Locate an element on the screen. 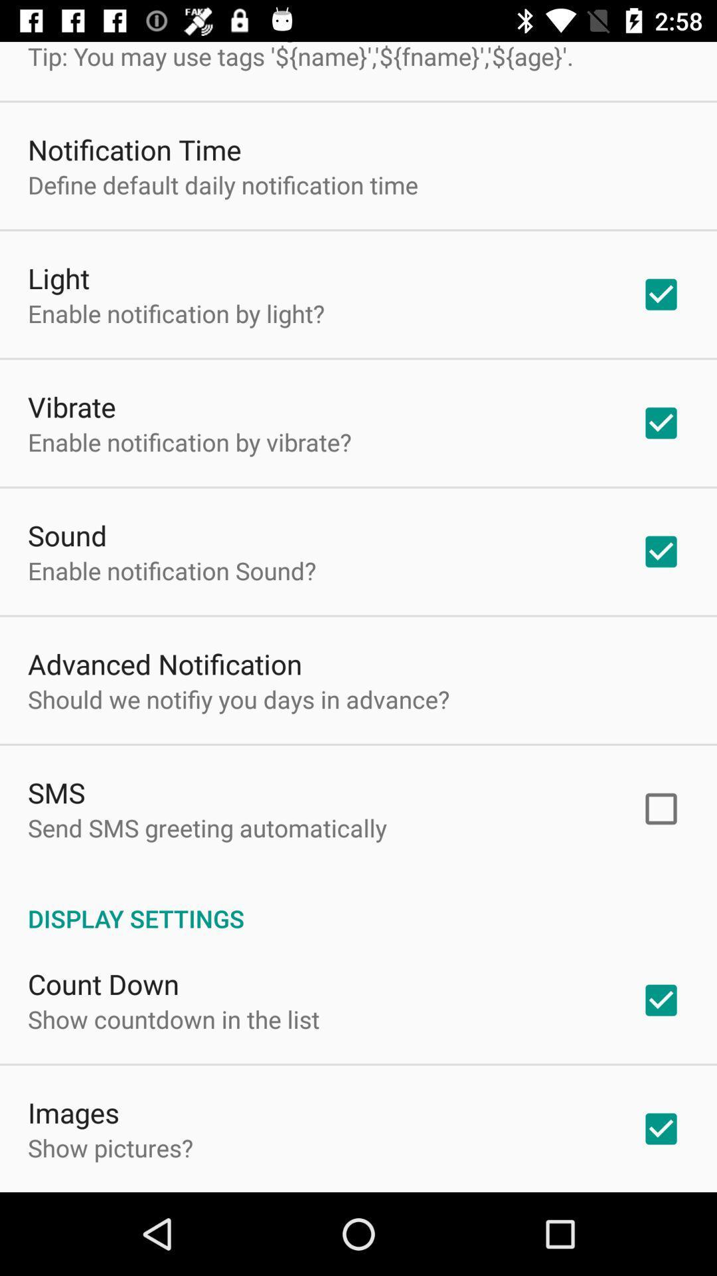 This screenshot has width=717, height=1276. icon above the show pictures? is located at coordinates (74, 1113).